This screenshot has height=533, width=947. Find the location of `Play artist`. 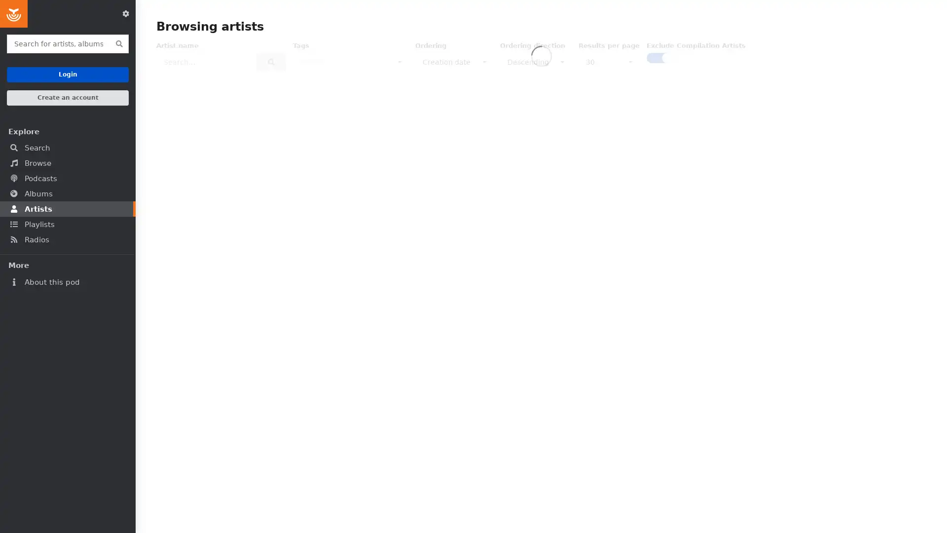

Play artist is located at coordinates (239, 511).